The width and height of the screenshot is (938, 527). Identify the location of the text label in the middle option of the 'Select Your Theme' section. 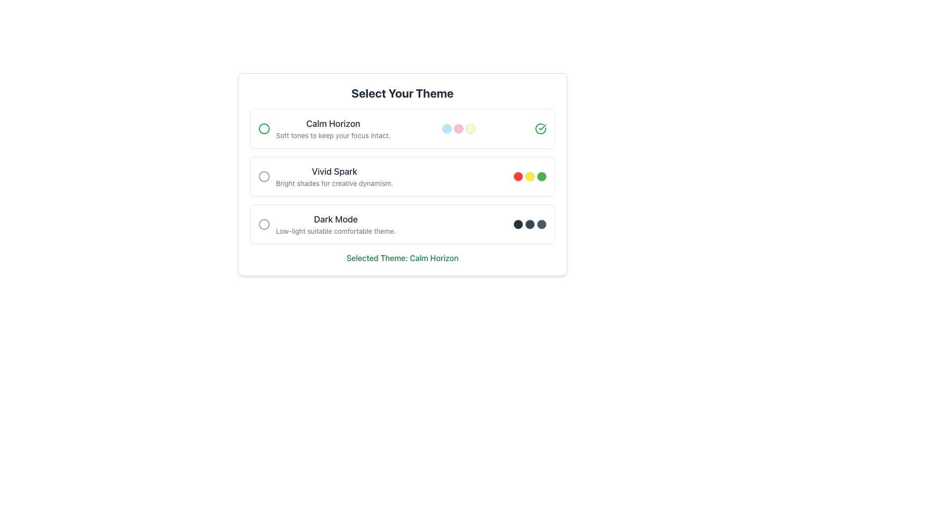
(334, 177).